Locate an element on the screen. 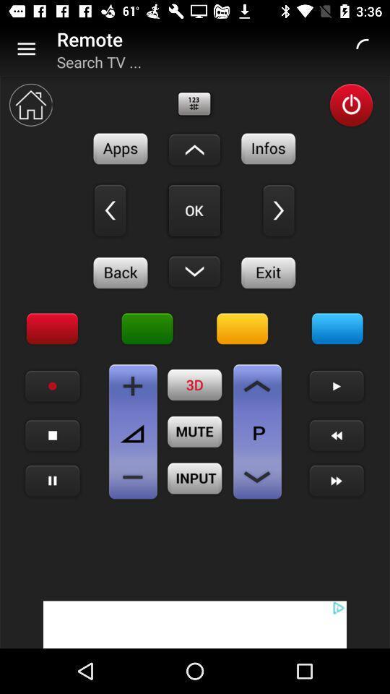 This screenshot has height=694, width=390. down arrow is located at coordinates (256, 385).